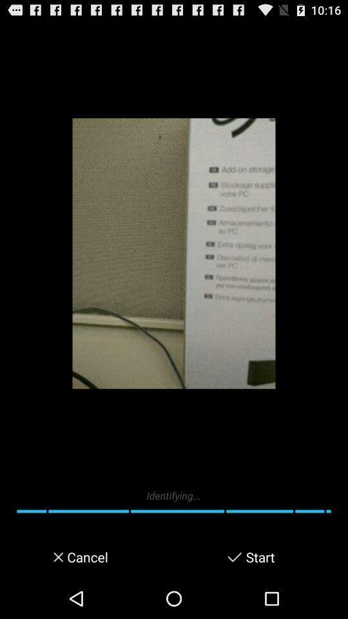  Describe the element at coordinates (53, 556) in the screenshot. I see `item next to cancel app` at that location.